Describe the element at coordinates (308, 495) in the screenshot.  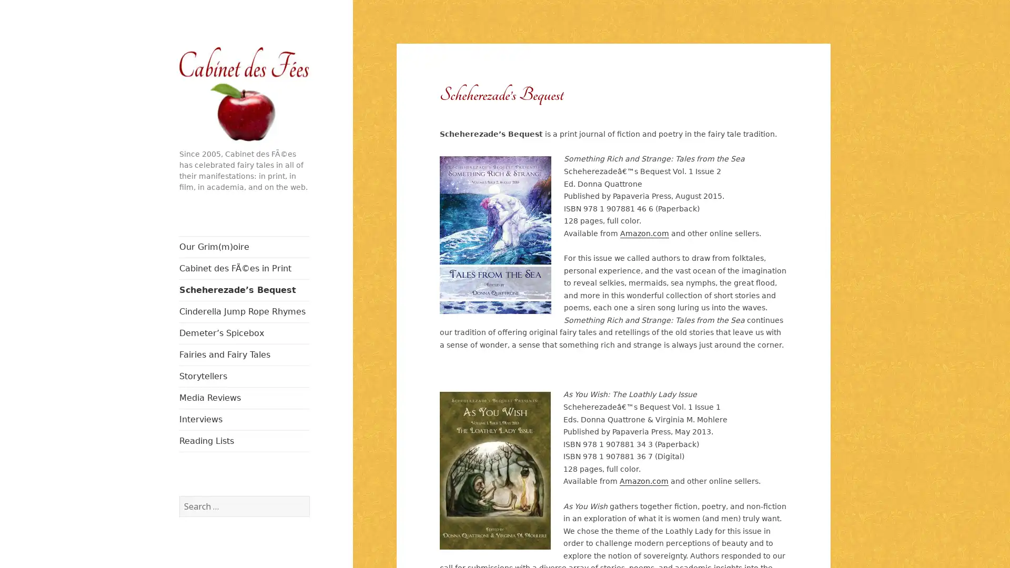
I see `Search` at that location.